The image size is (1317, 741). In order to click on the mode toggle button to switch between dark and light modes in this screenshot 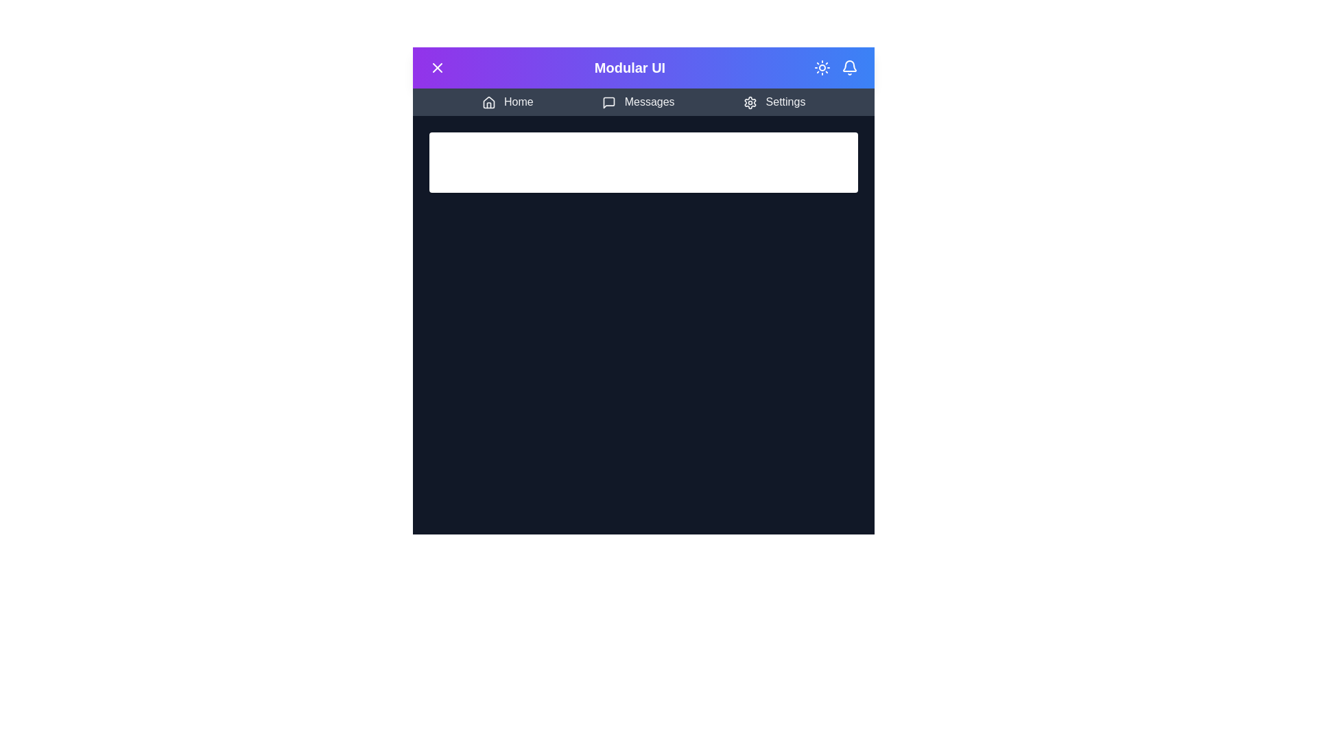, I will do `click(822, 68)`.